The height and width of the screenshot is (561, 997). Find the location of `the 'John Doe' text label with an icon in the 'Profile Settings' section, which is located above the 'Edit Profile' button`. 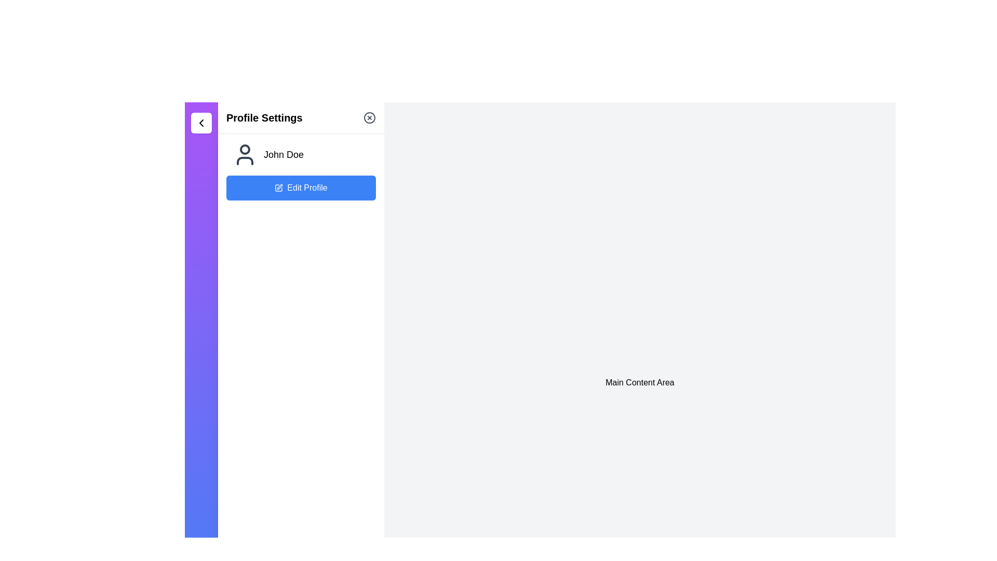

the 'John Doe' text label with an icon in the 'Profile Settings' section, which is located above the 'Edit Profile' button is located at coordinates (301, 154).